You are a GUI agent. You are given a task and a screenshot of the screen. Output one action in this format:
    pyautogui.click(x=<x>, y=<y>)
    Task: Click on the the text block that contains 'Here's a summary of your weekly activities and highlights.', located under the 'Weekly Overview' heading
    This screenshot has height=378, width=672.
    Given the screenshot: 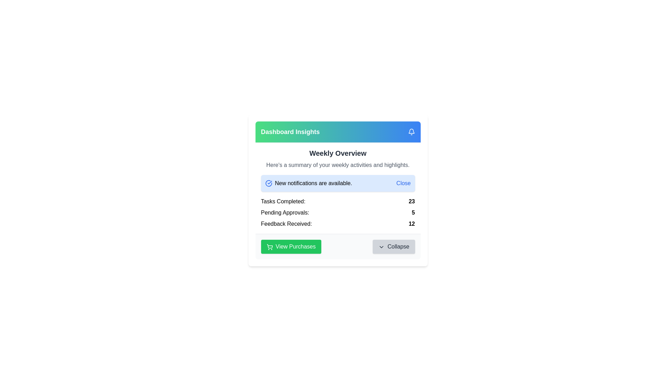 What is the action you would take?
    pyautogui.click(x=338, y=165)
    